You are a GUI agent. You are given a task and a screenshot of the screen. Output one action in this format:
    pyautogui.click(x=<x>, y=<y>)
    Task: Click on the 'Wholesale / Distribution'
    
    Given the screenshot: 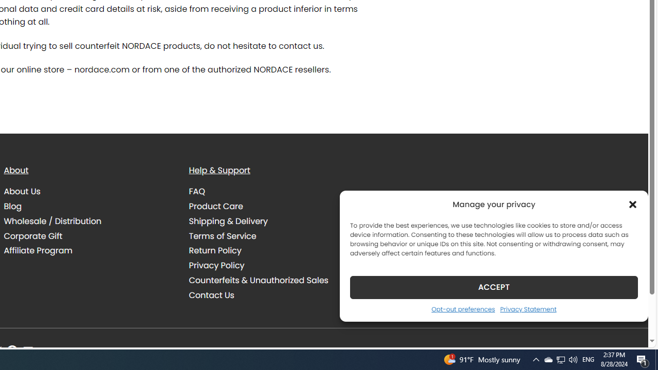 What is the action you would take?
    pyautogui.click(x=88, y=220)
    